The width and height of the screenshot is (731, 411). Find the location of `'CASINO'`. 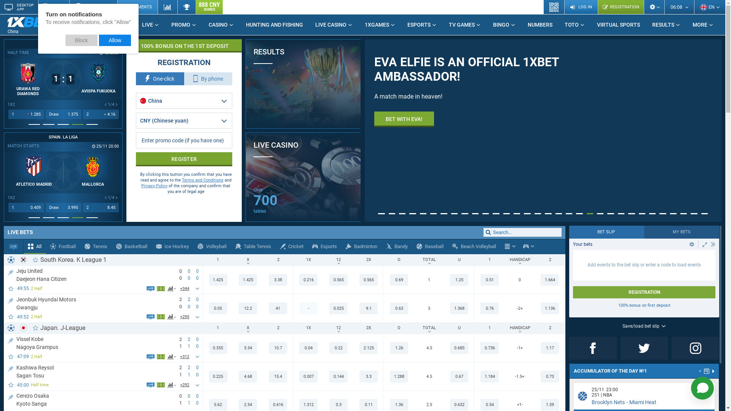

'CASINO' is located at coordinates (203, 24).